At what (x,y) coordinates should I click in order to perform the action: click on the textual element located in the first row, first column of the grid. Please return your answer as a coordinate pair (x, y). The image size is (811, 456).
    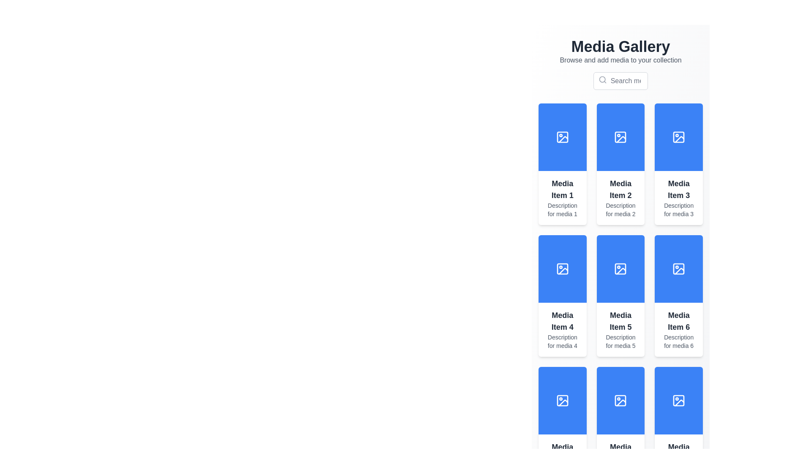
    Looking at the image, I should click on (562, 198).